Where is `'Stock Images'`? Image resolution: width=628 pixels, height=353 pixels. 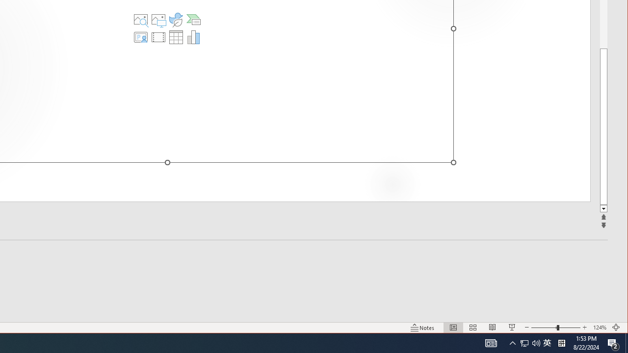 'Stock Images' is located at coordinates (140, 19).